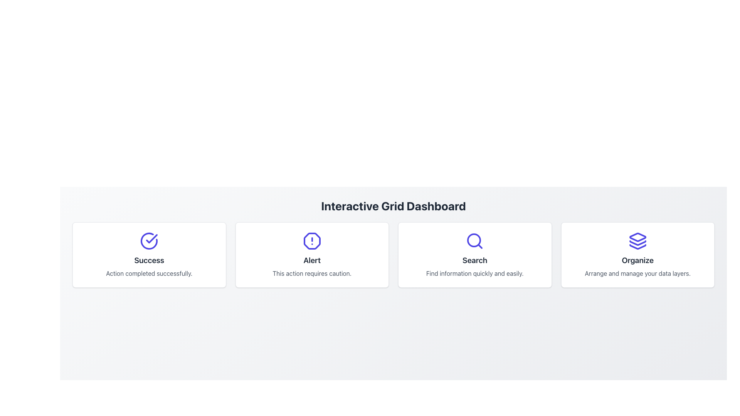 The height and width of the screenshot is (416, 740). I want to click on the blue octagonal icon with an exclamation mark in the 'Alert' card, which is the second card from the left in the 'Interactive Grid Dashboard', so click(312, 240).